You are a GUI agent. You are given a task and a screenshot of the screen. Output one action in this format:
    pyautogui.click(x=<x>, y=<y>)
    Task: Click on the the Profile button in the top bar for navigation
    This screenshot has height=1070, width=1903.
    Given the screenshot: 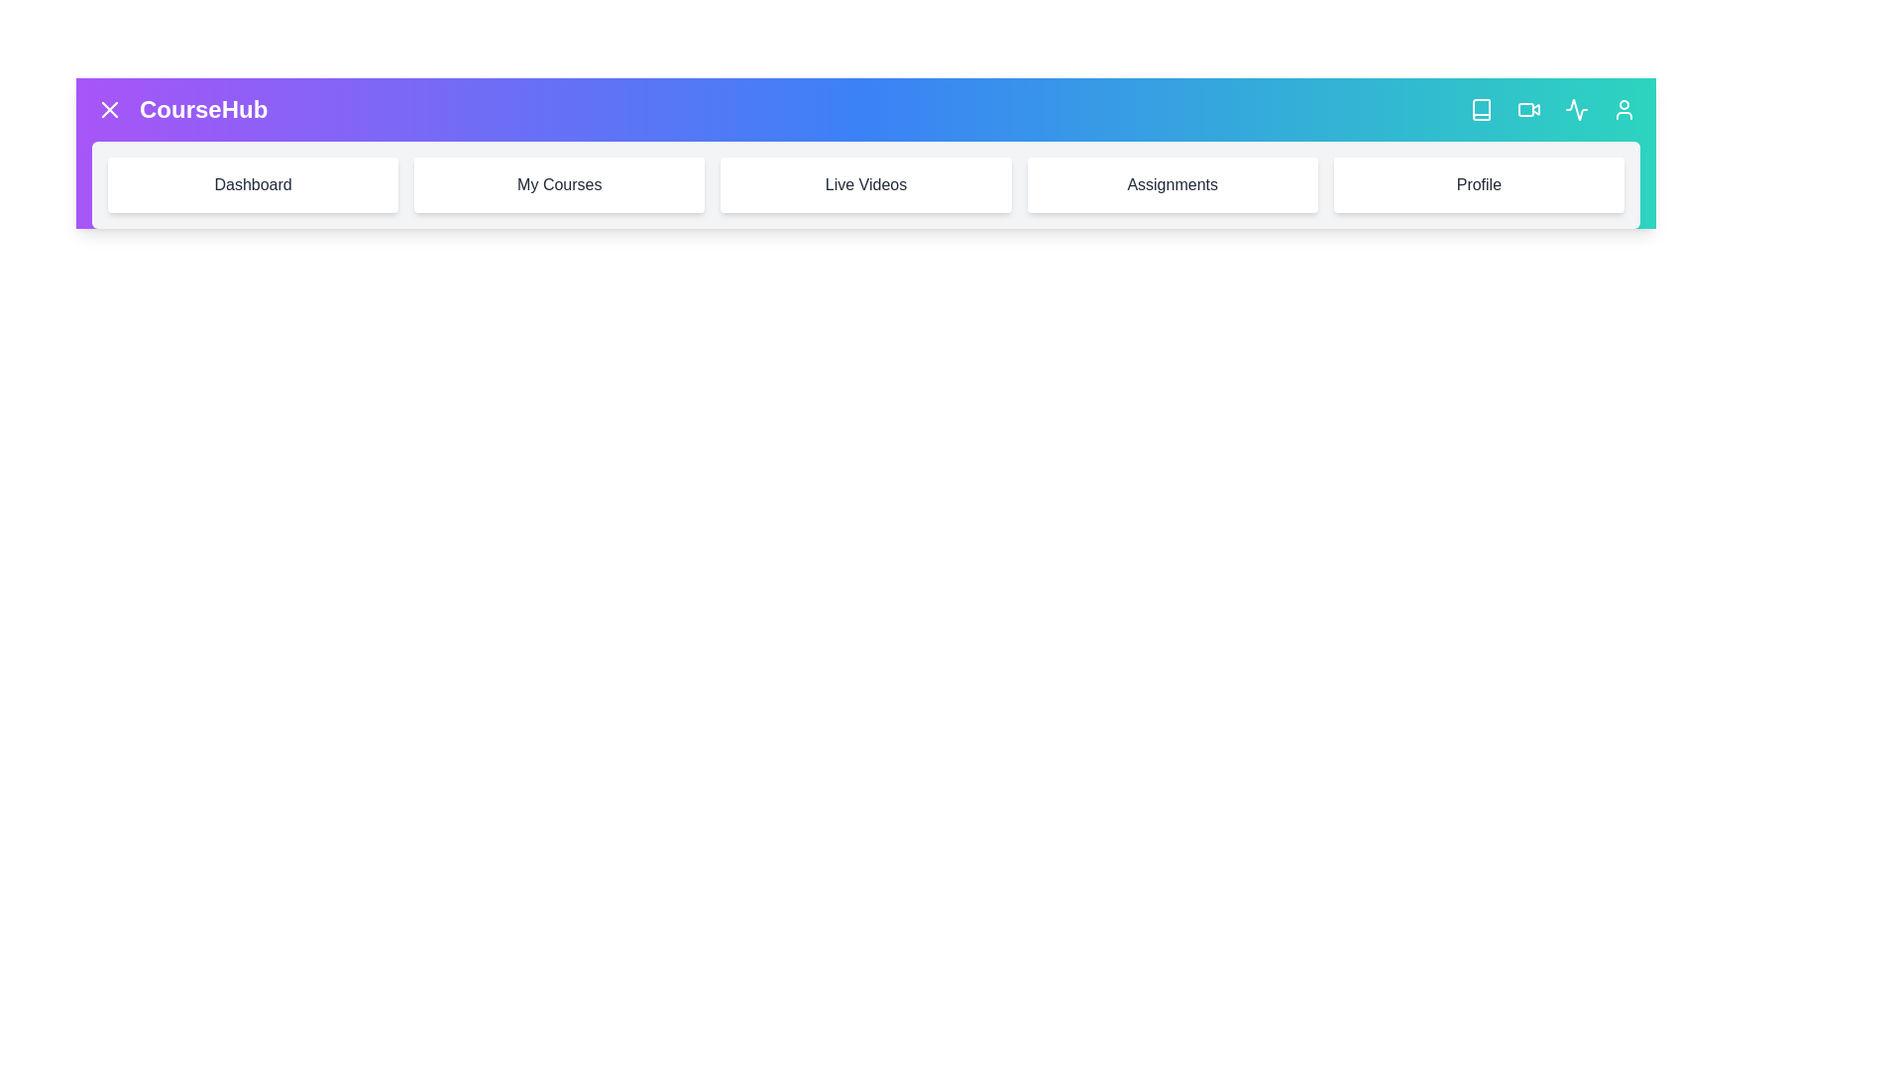 What is the action you would take?
    pyautogui.click(x=1623, y=110)
    